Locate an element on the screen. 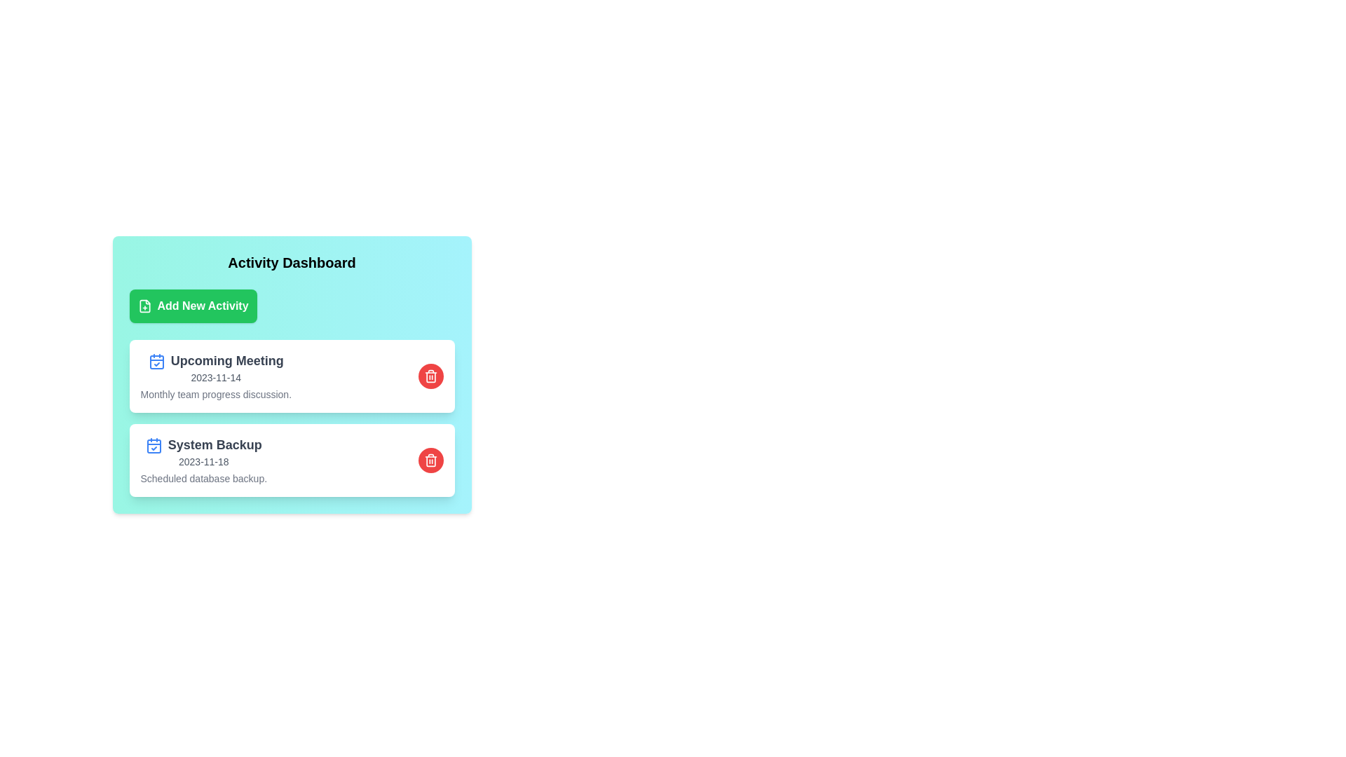 The image size is (1346, 757). the button labeled Delete System Backup to observe its visual feedback is located at coordinates (430, 460).